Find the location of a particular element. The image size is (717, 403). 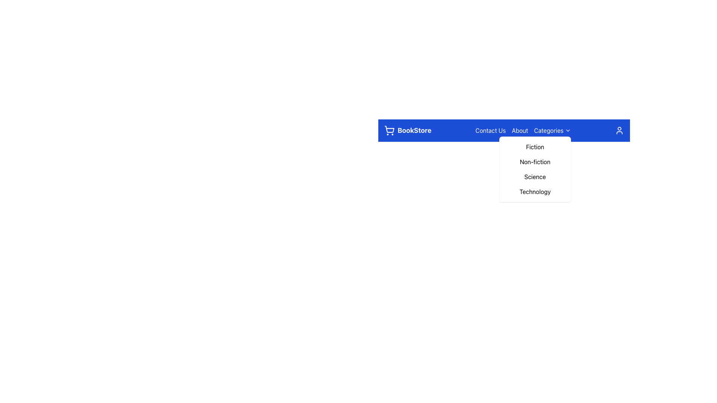

the shopping cart icon, which is a line design with circular wheels, positioned to the left of the 'BookStore' text in the blue header bar is located at coordinates (389, 130).